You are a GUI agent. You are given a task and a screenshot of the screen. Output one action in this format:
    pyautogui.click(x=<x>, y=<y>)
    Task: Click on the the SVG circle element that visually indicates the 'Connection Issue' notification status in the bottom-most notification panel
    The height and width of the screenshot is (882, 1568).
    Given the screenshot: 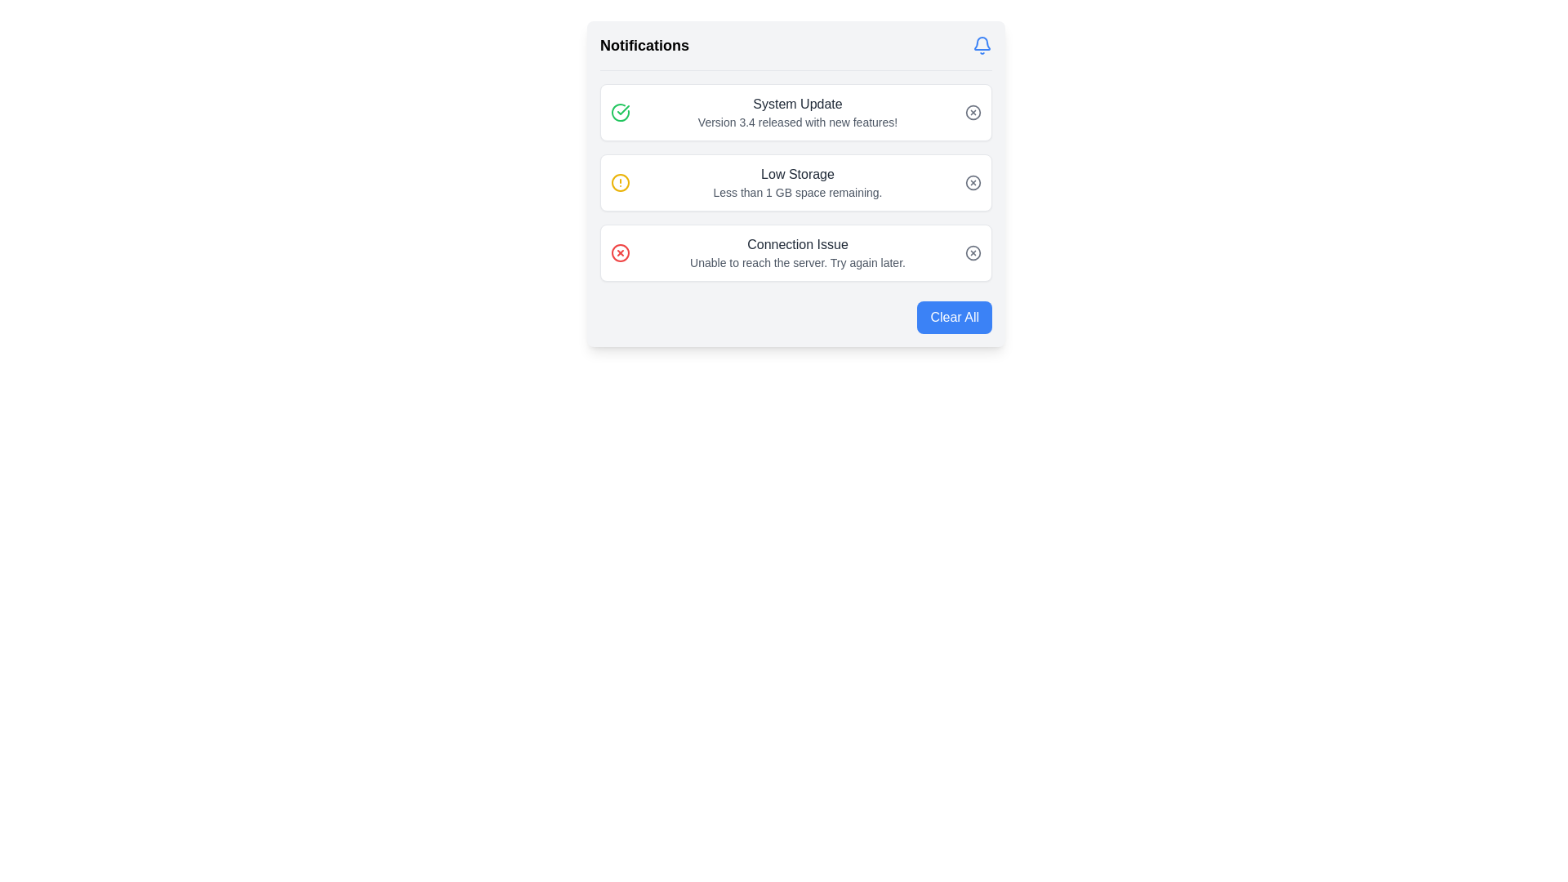 What is the action you would take?
    pyautogui.click(x=973, y=252)
    